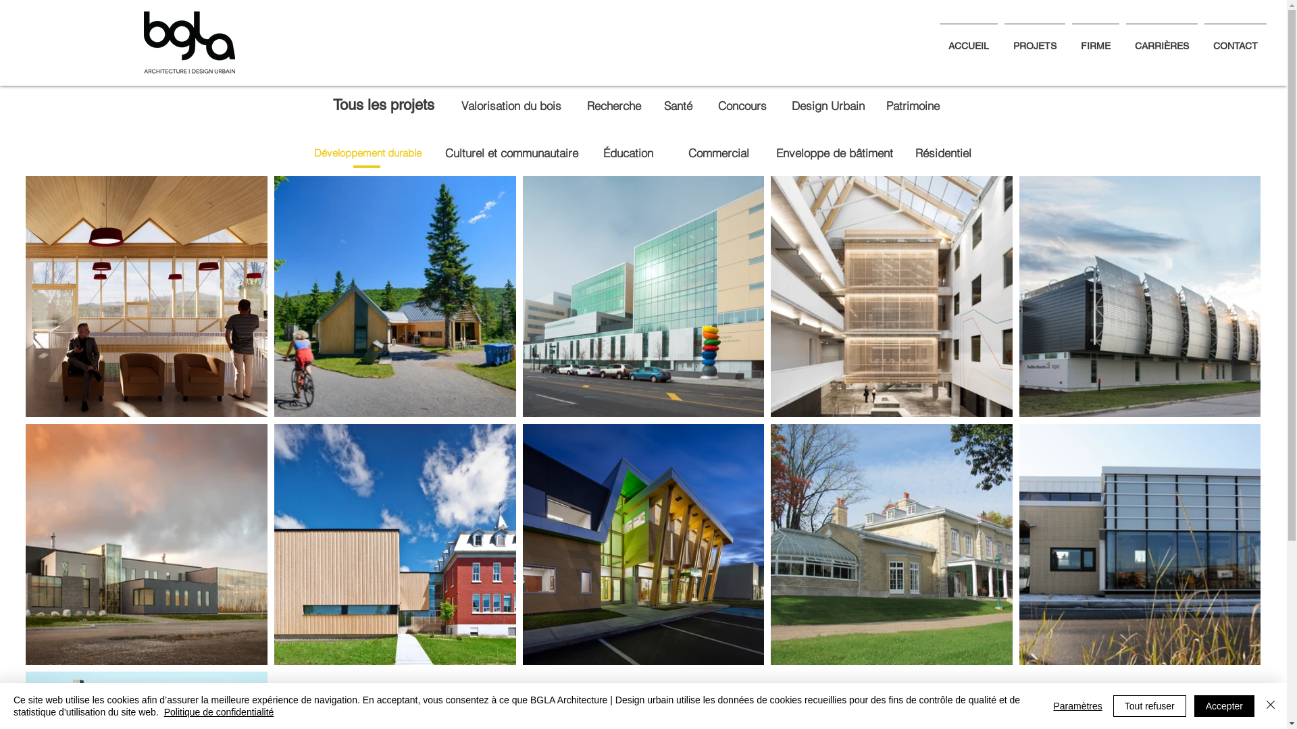 The height and width of the screenshot is (729, 1297). Describe the element at coordinates (827, 105) in the screenshot. I see `'Design Urbain'` at that location.